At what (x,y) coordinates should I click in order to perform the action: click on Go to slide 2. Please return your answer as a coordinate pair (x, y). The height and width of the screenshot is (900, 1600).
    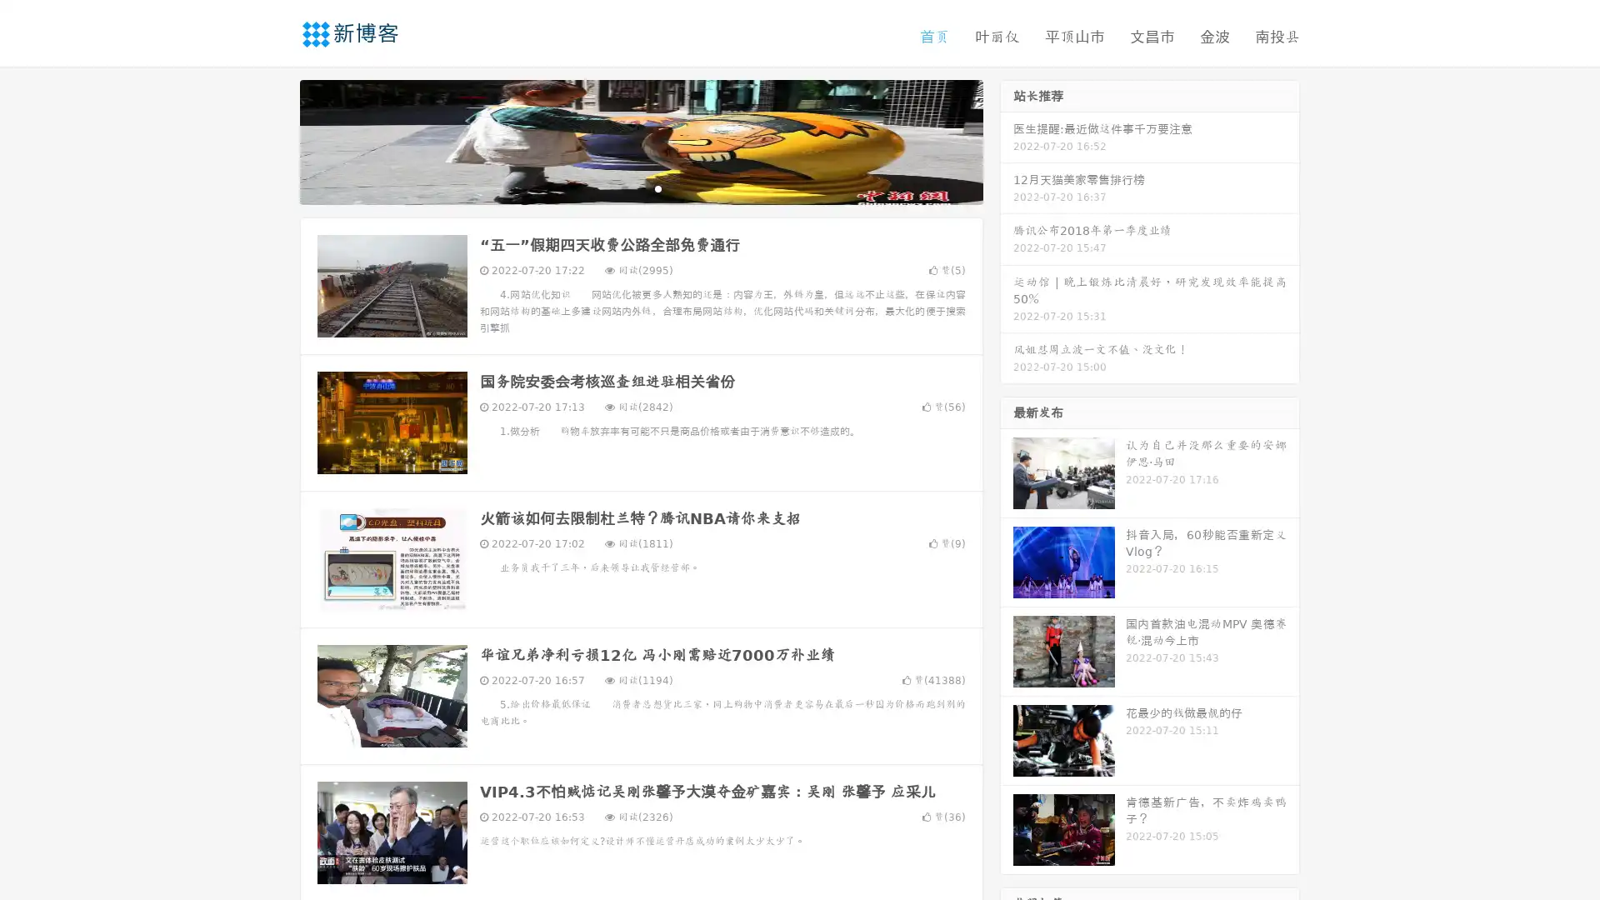
    Looking at the image, I should click on (640, 187).